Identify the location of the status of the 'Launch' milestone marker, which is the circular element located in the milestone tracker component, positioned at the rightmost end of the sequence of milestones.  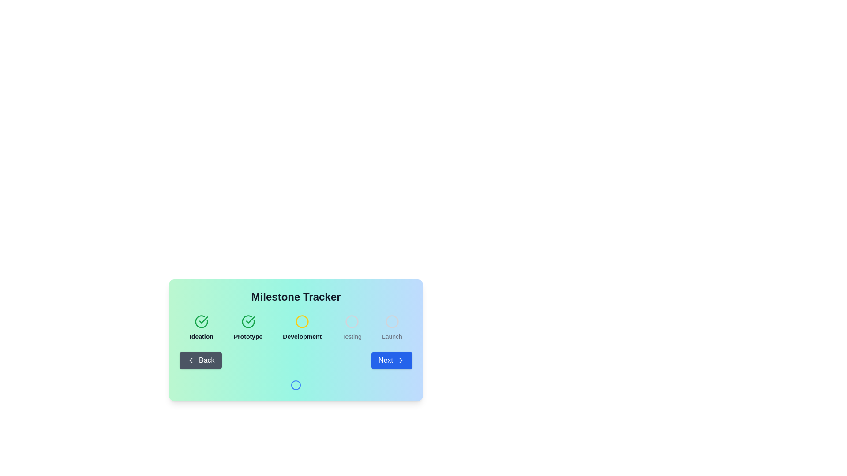
(391, 321).